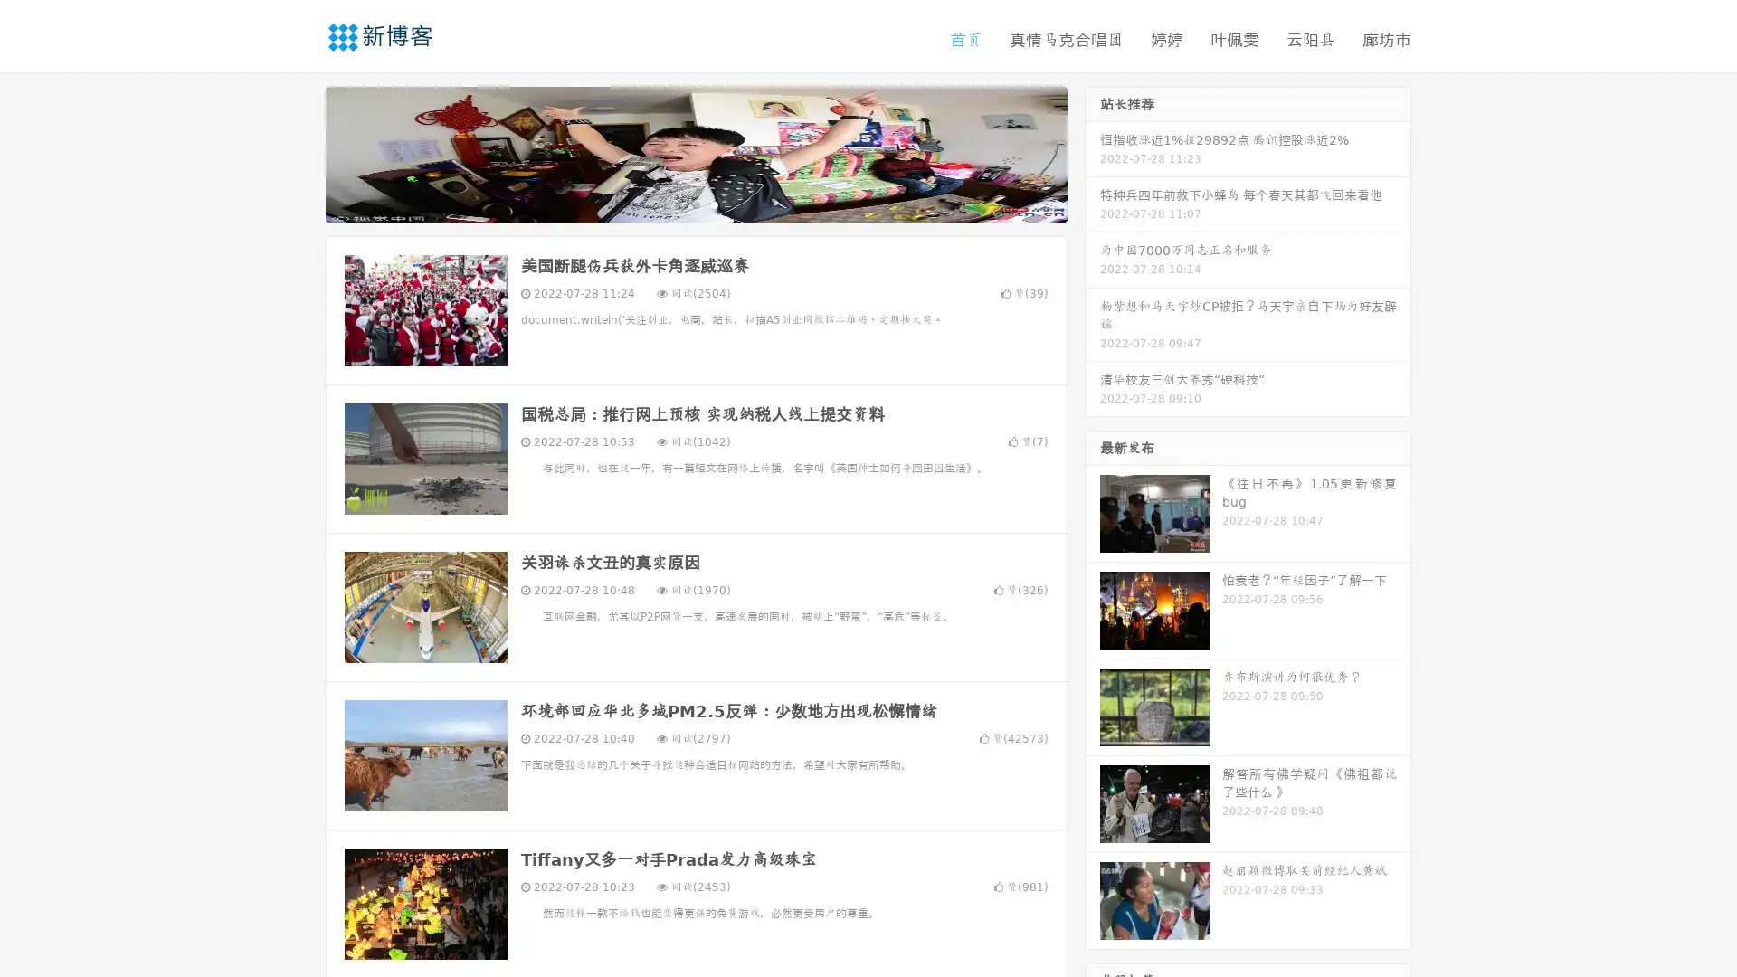 The image size is (1737, 977). I want to click on Next slide, so click(1093, 152).